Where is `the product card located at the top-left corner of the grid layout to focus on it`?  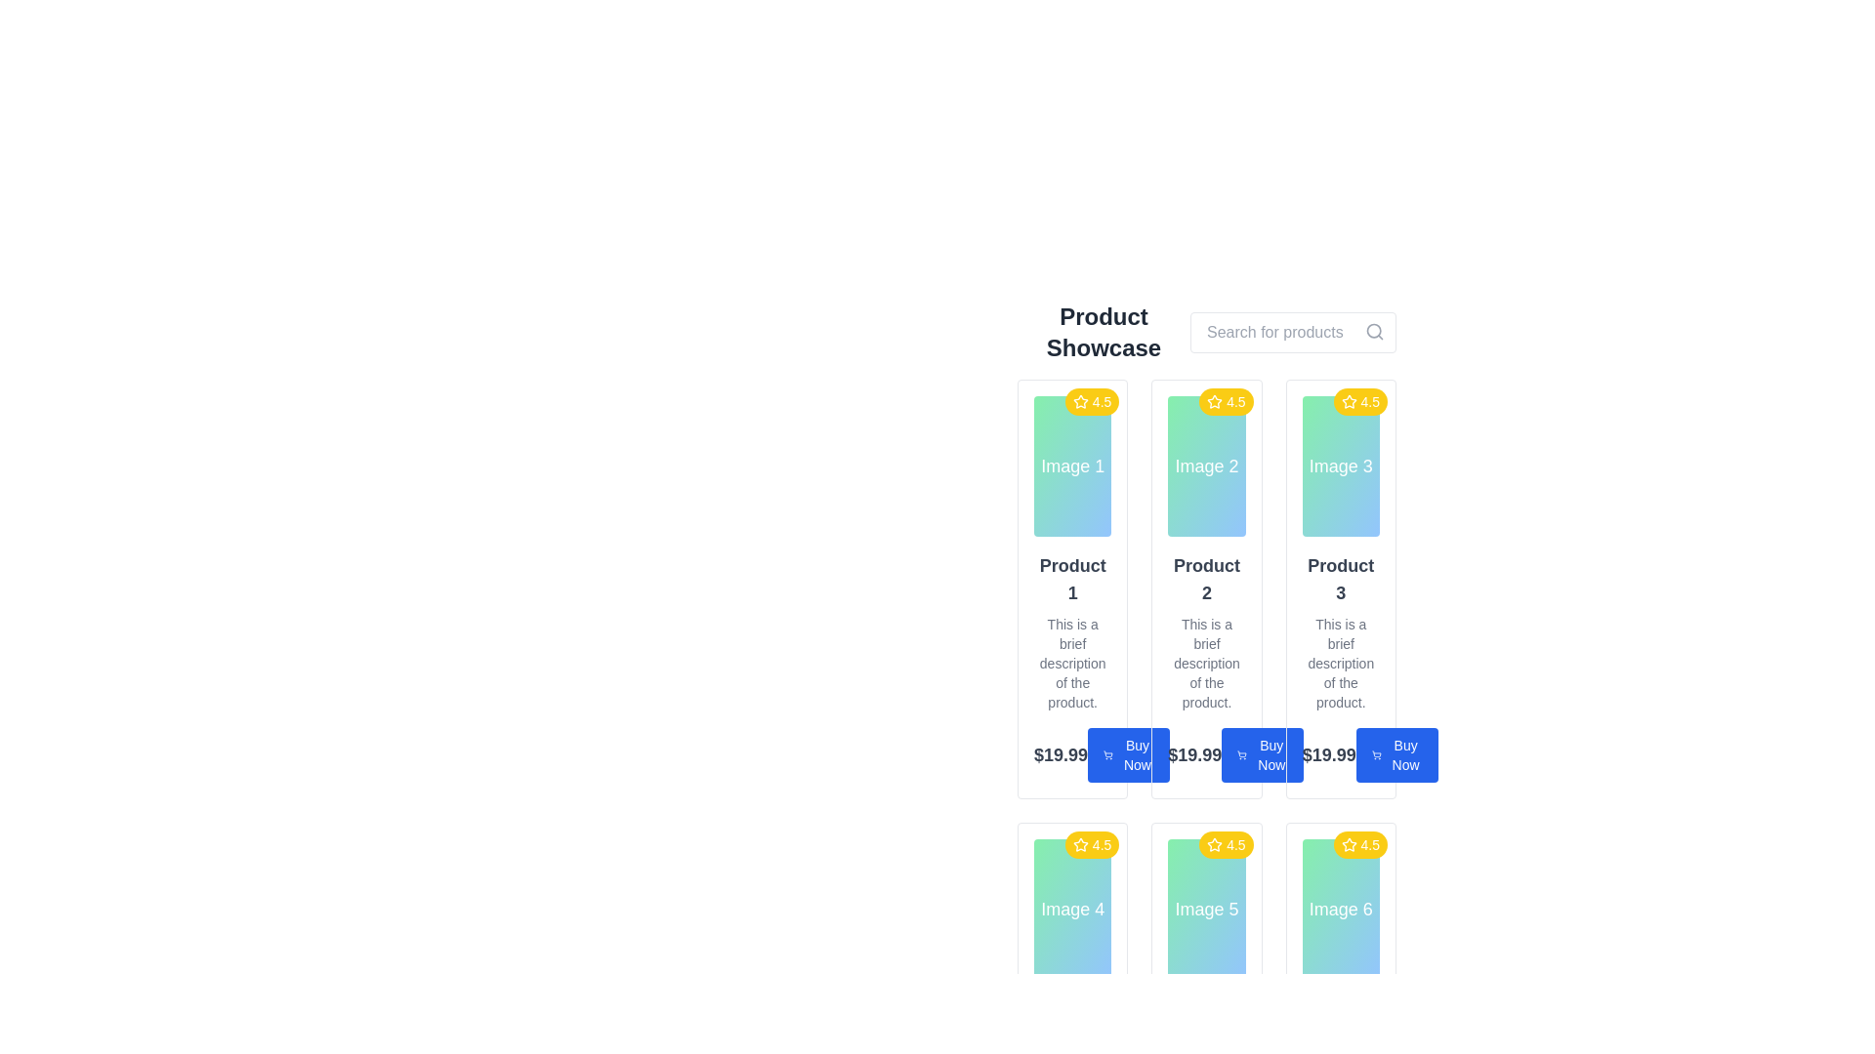
the product card located at the top-left corner of the grid layout to focus on it is located at coordinates (1071, 588).